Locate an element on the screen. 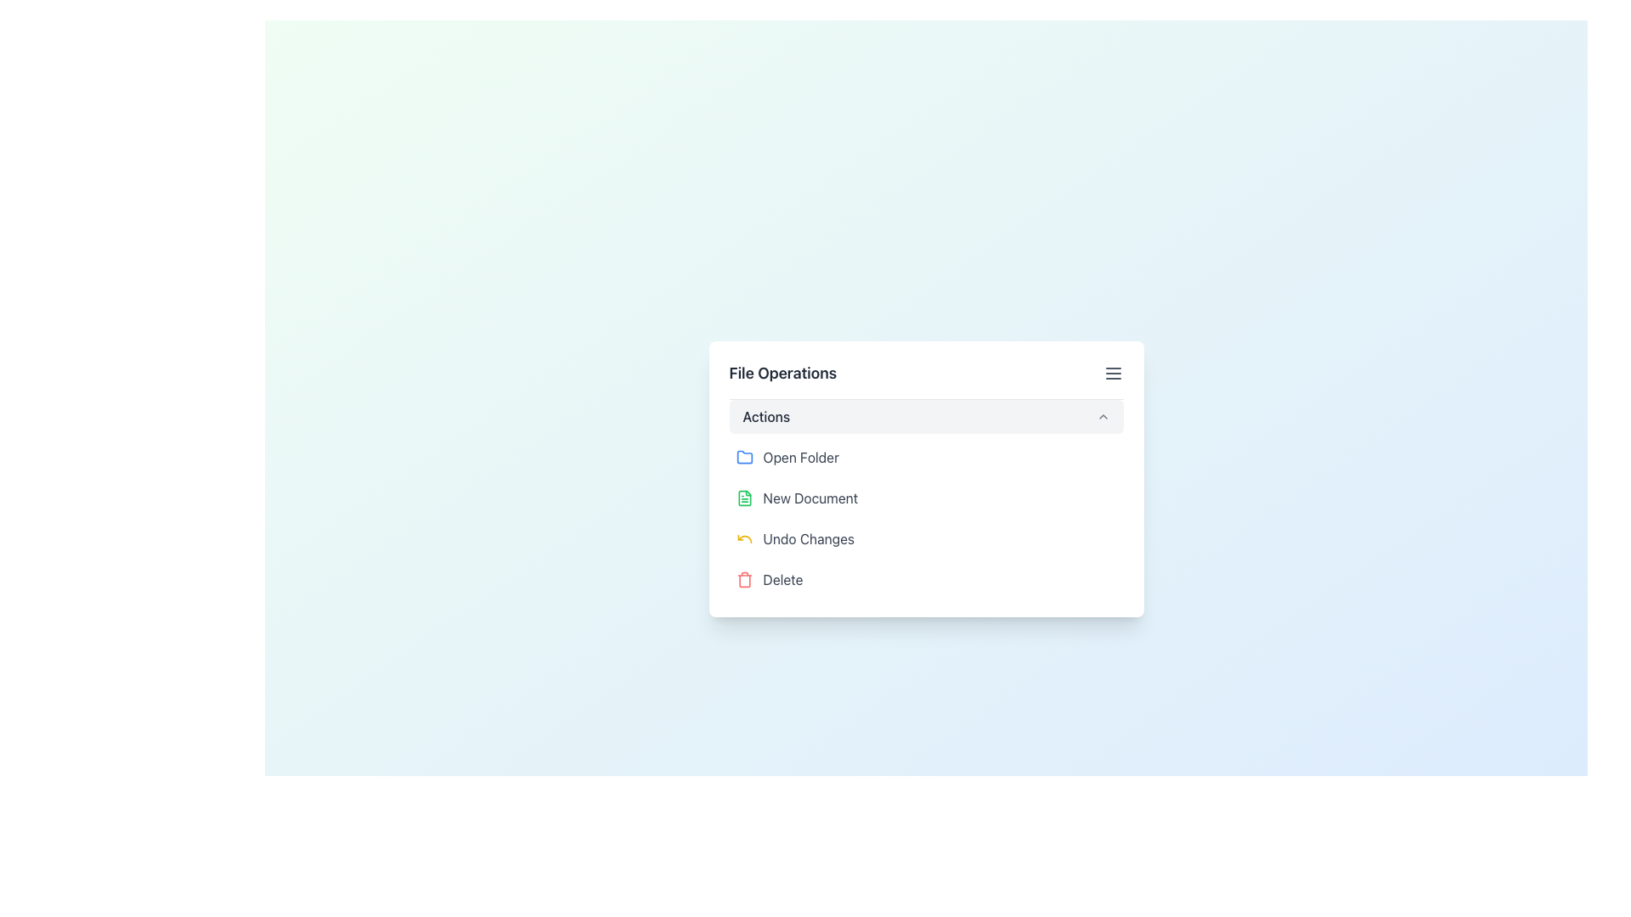 Image resolution: width=1631 pixels, height=917 pixels. the 'Undo' button located in the 'Actions' section of 'File Operations', positioned below 'New Document' and above 'Delete', to undo recent changes is located at coordinates (925, 538).